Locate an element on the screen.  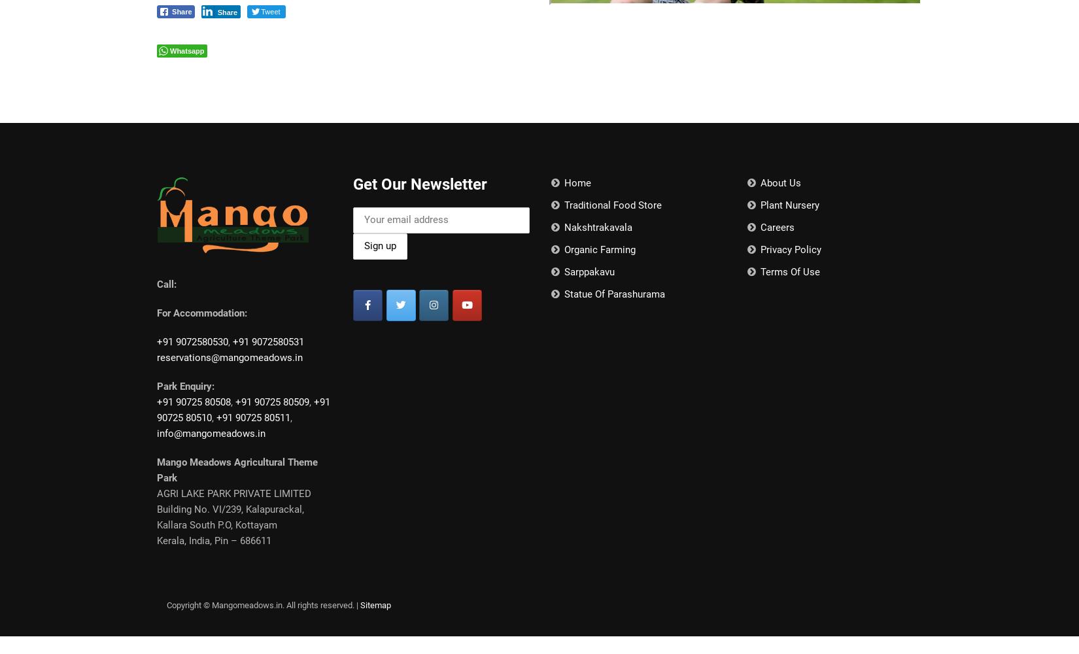
'Accommodation:' is located at coordinates (210, 313).